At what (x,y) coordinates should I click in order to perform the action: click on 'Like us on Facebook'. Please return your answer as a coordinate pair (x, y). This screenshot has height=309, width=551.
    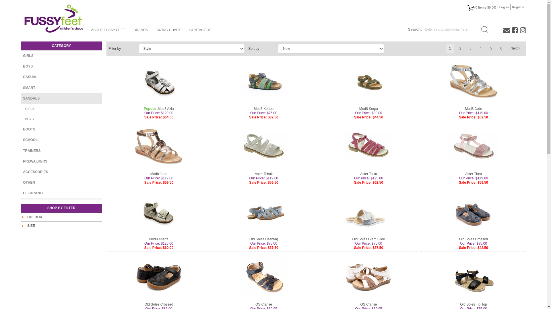
    Looking at the image, I should click on (512, 30).